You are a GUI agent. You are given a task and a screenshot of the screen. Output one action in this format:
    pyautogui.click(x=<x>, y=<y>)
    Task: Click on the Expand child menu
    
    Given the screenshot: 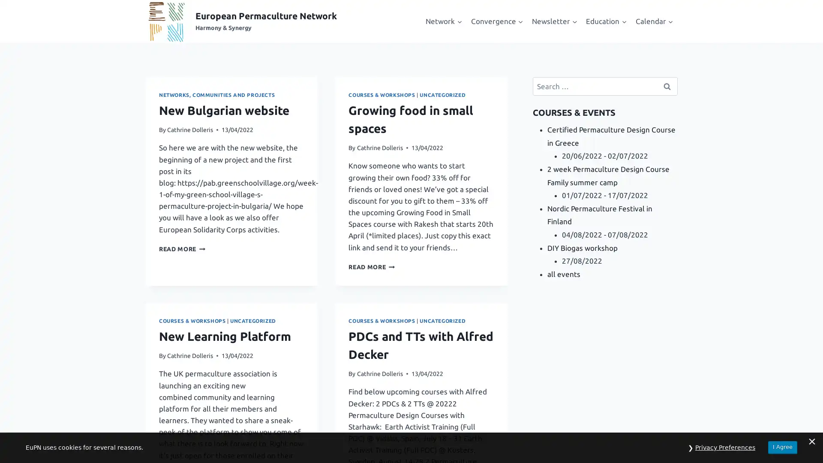 What is the action you would take?
    pyautogui.click(x=554, y=21)
    